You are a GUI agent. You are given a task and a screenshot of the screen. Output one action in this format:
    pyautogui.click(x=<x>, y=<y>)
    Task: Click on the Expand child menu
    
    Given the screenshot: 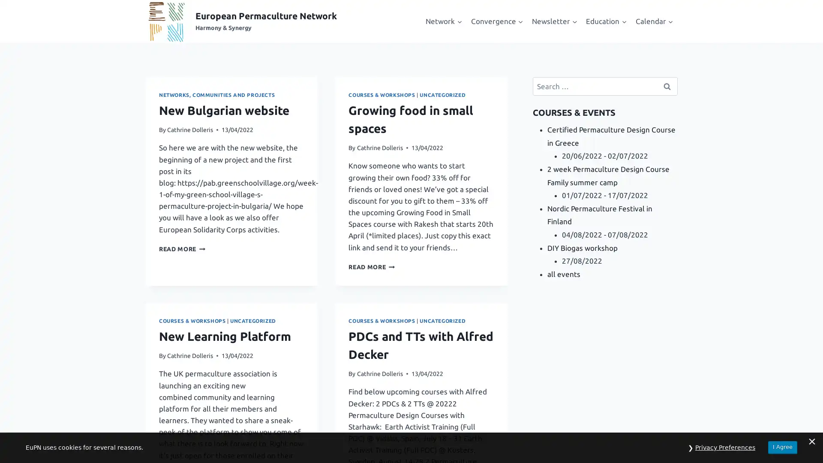 What is the action you would take?
    pyautogui.click(x=554, y=21)
    